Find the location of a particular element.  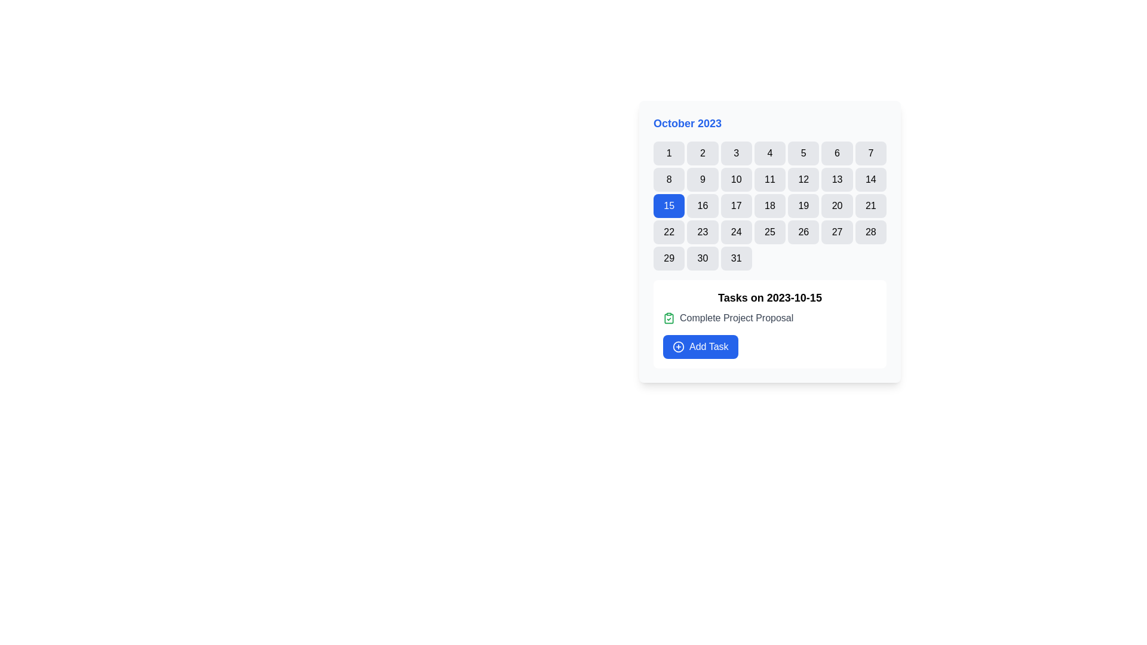

the button displaying the number '9' in the calendar layout is located at coordinates (703, 179).